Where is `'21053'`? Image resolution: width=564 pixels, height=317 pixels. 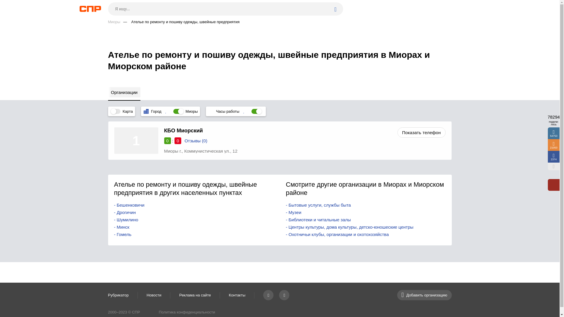
'21053' is located at coordinates (553, 145).